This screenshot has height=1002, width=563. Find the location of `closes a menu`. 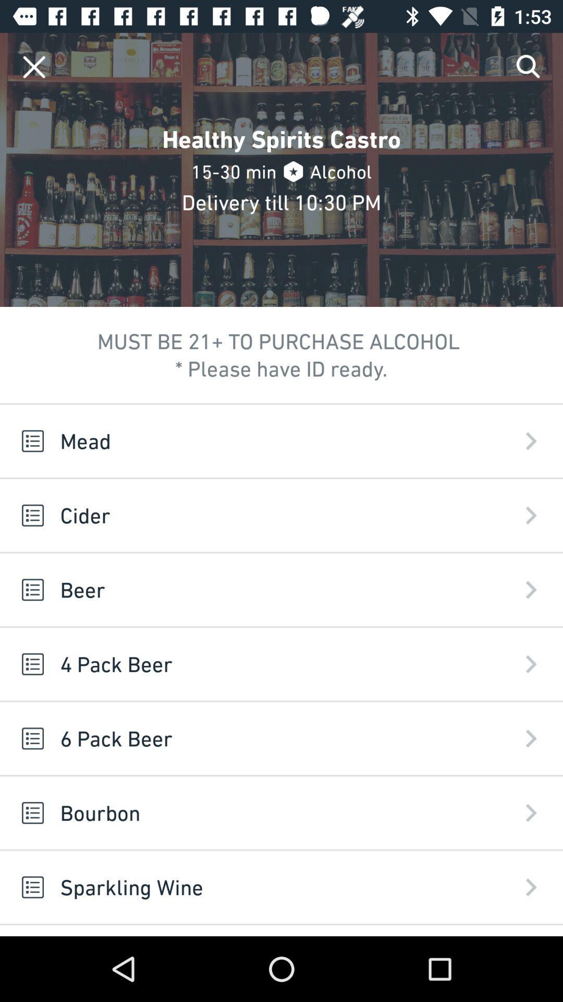

closes a menu is located at coordinates (33, 66).